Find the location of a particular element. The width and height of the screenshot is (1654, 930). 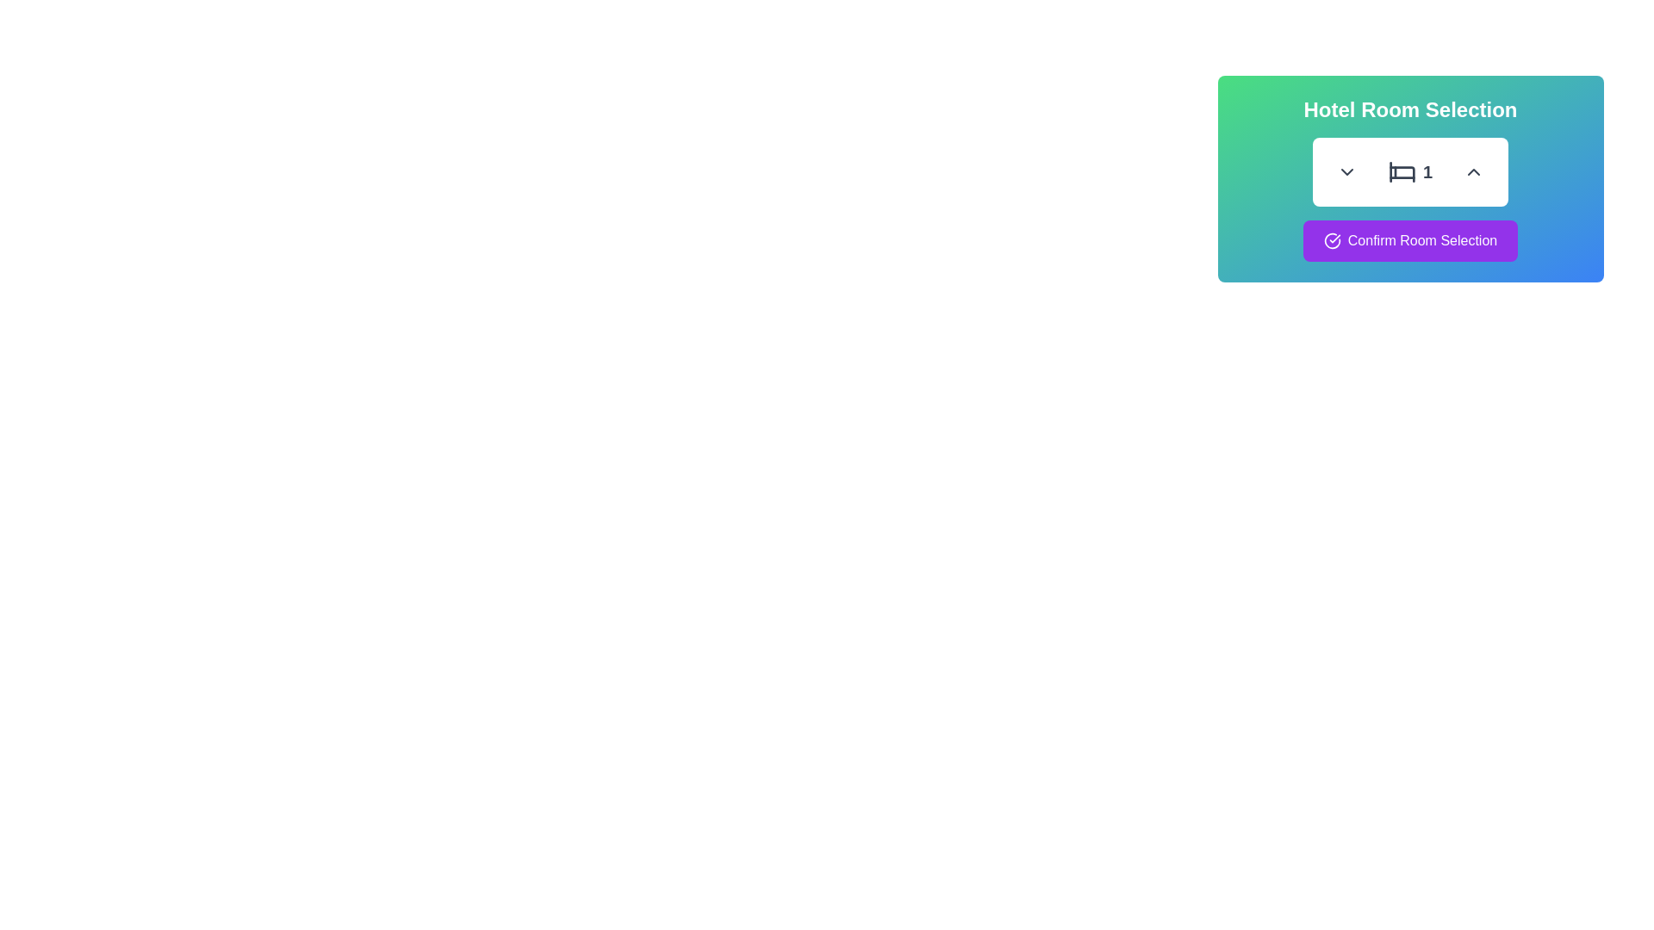

the bed icon representing room selection, which is visually accompanied by the numeric label '1' and is located near the top middle of the interface is located at coordinates (1402, 172).